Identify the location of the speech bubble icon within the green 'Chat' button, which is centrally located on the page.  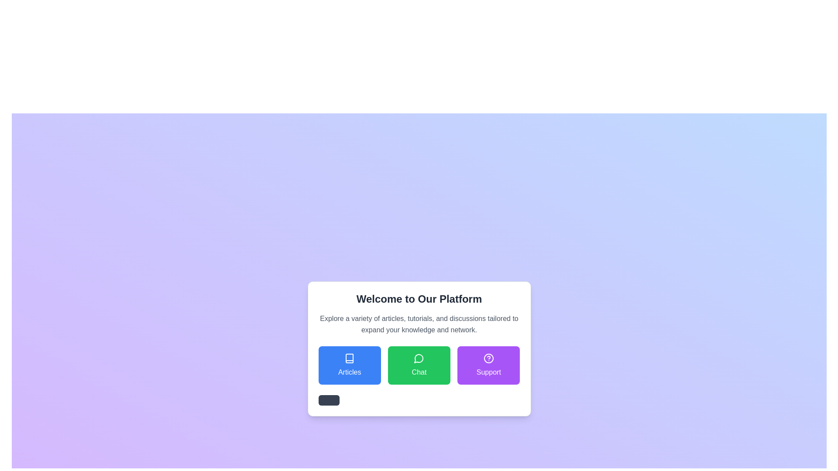
(419, 358).